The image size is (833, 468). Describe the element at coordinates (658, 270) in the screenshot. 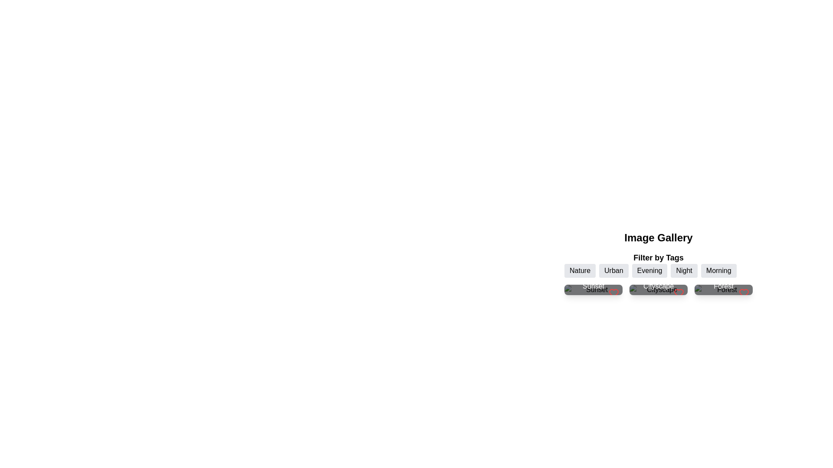

I see `the 'Evening' button with a light gray background and rounded edges, located below the heading 'Filter by Tags' to apply the 'Evening' filter` at that location.